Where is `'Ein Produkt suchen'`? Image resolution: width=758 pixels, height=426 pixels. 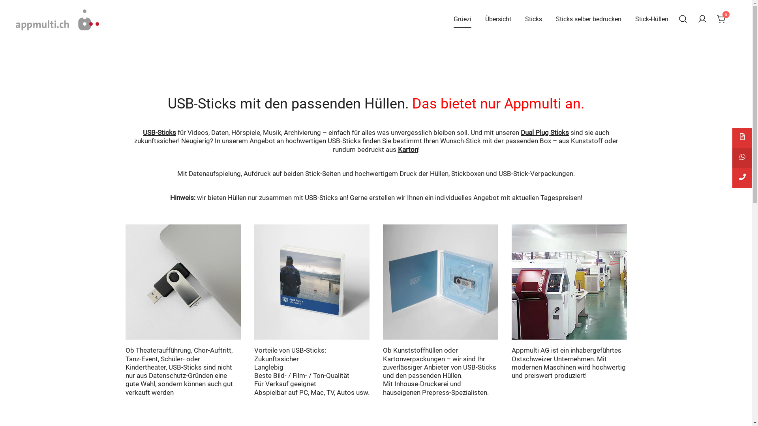 'Ein Produkt suchen' is located at coordinates (682, 19).